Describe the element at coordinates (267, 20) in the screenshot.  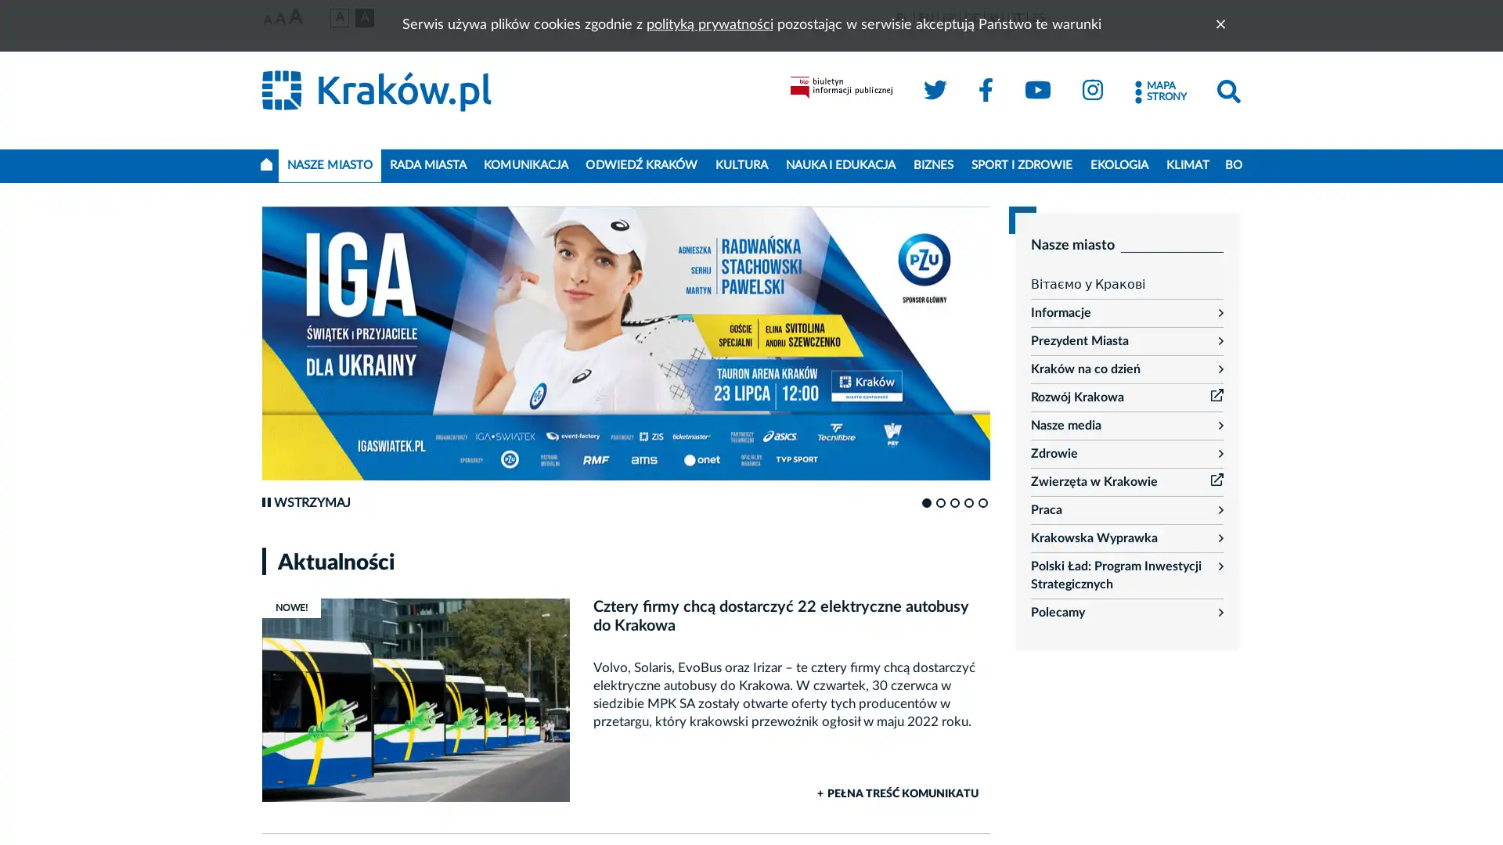
I see `Najmniejsza czcionka` at that location.